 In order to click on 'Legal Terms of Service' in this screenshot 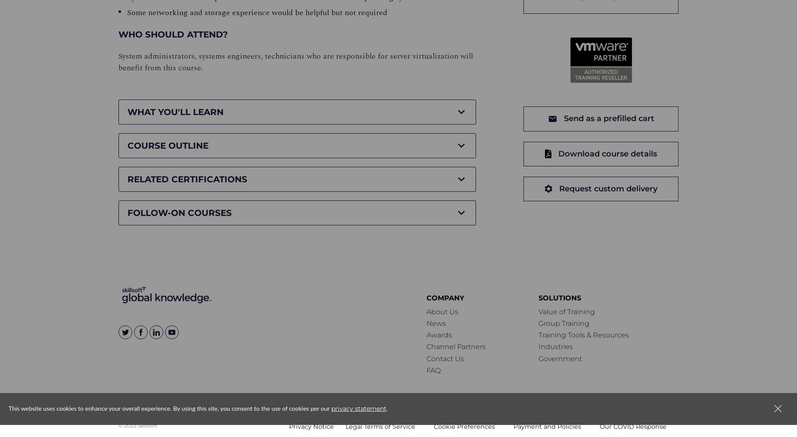, I will do `click(380, 426)`.